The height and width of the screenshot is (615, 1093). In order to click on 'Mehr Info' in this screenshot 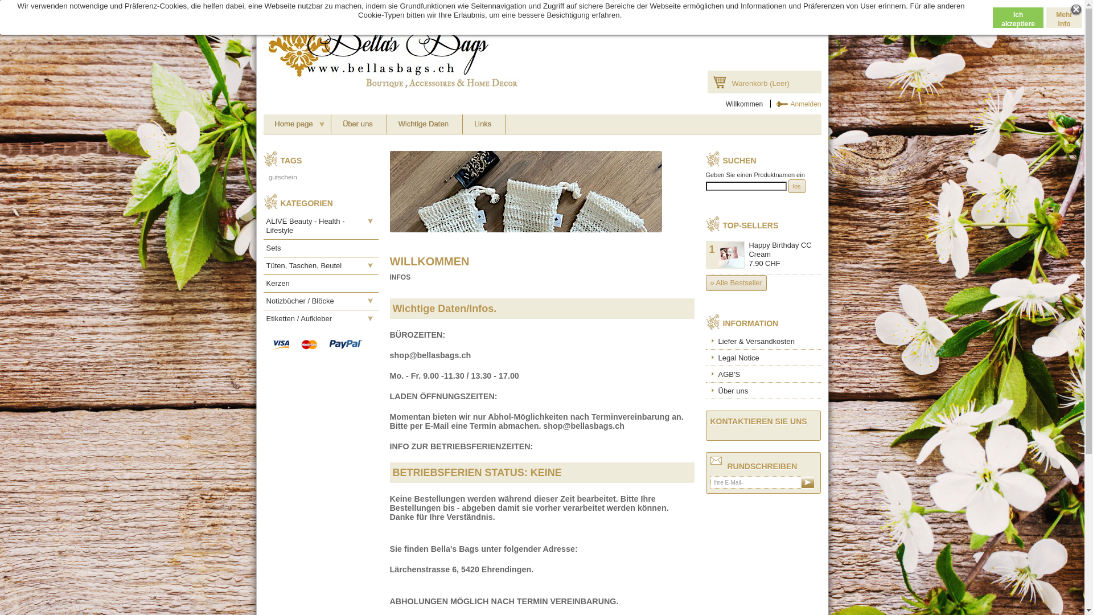, I will do `click(1063, 17)`.